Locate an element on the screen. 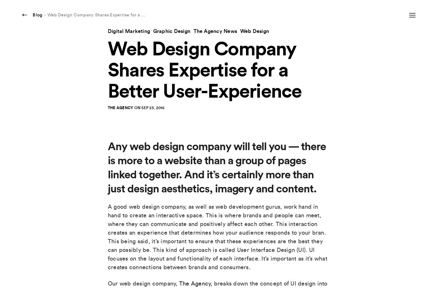 This screenshot has width=437, height=290. 'The Agency News' is located at coordinates (193, 31).